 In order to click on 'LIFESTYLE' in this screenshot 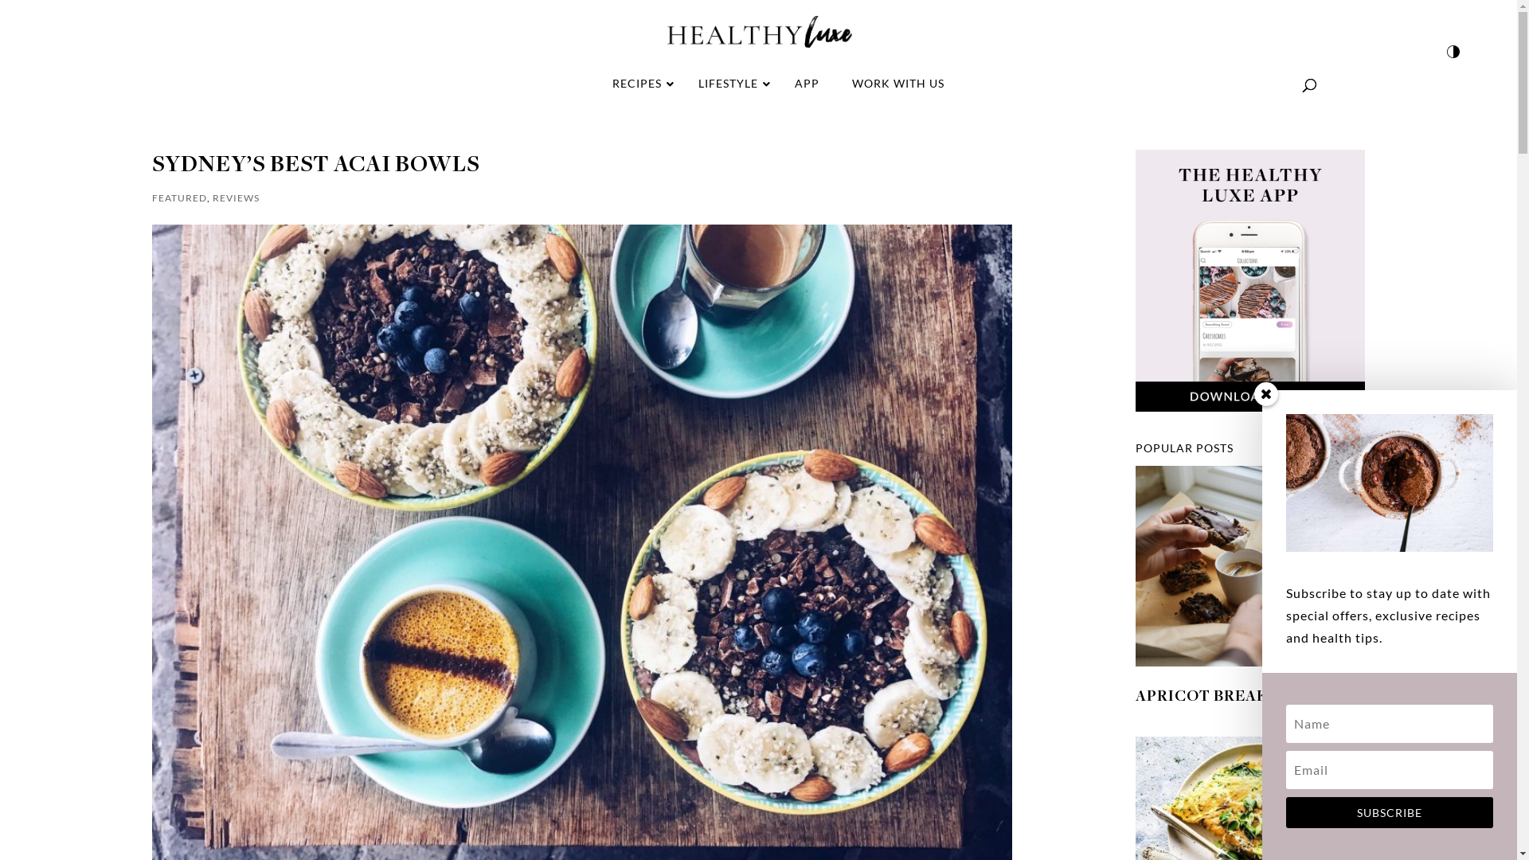, I will do `click(729, 83)`.